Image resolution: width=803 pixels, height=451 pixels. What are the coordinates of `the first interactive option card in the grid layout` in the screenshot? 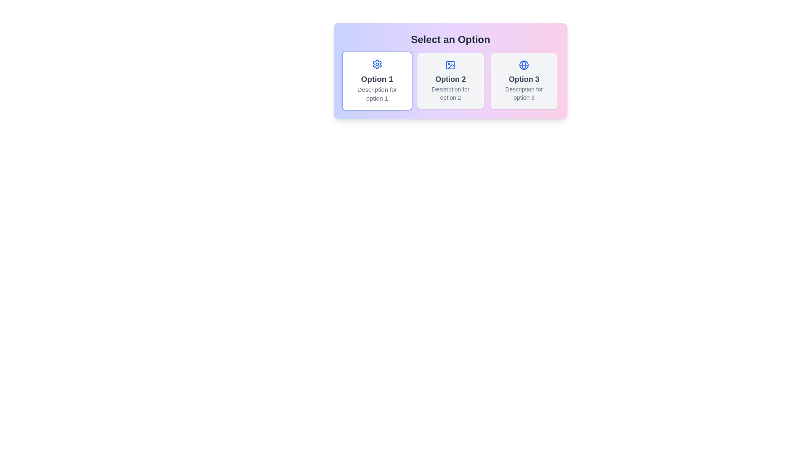 It's located at (376, 81).